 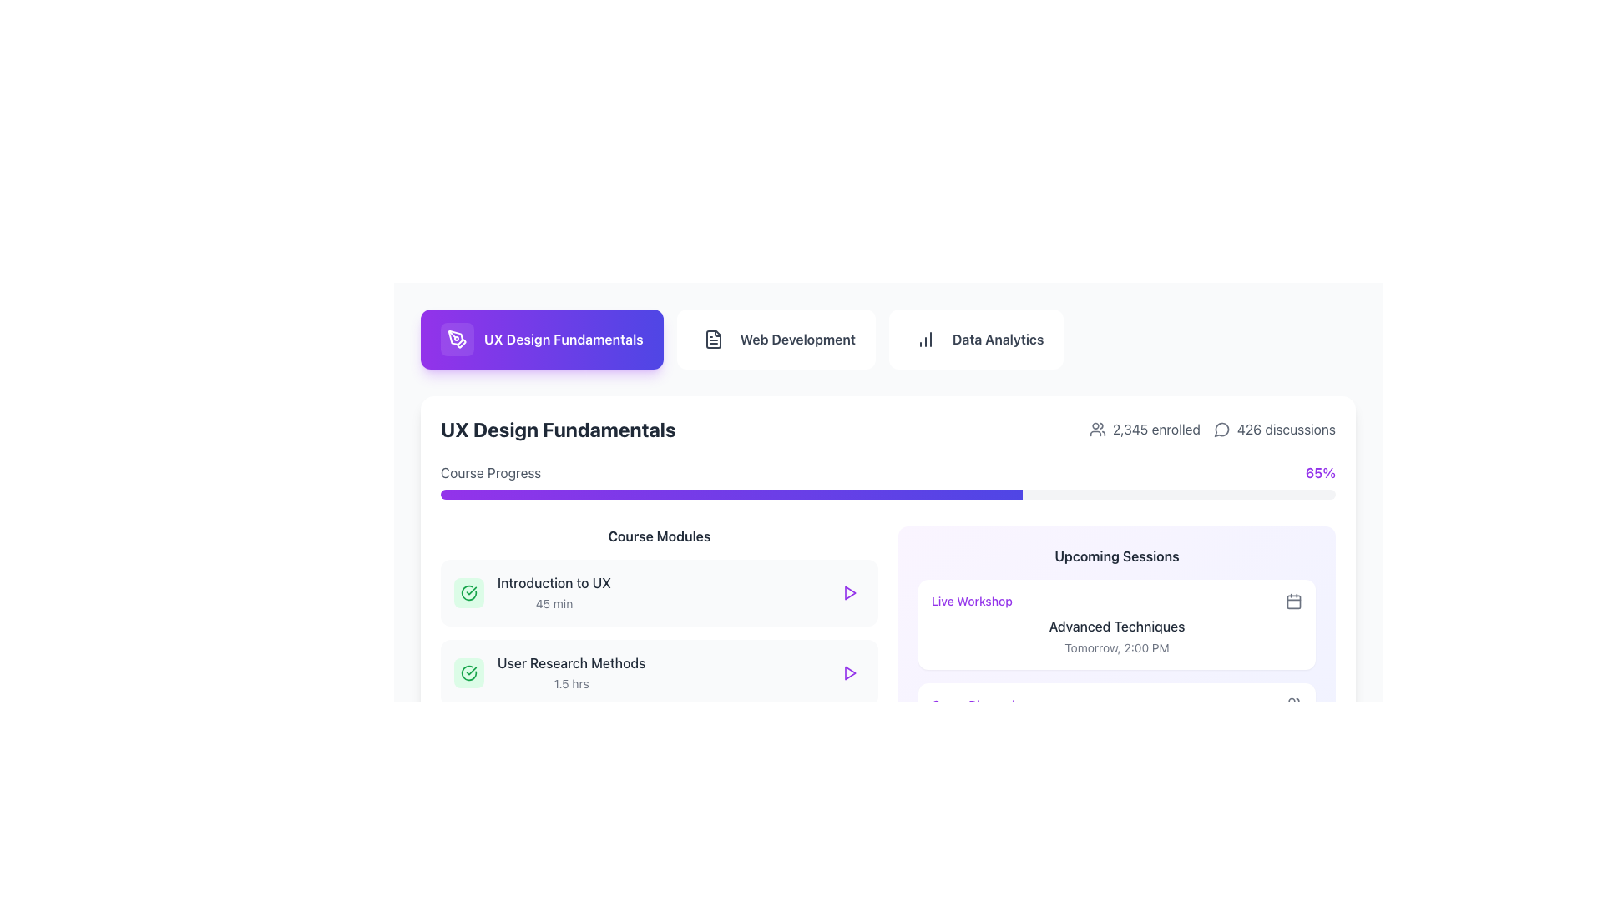 I want to click on the status indicator icon located on the left side of the 'Introduction to UX' list item in the 'Course Modules' section, so click(x=468, y=591).